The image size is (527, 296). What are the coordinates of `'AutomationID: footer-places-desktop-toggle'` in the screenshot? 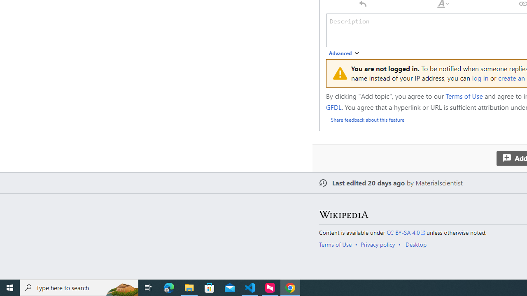 It's located at (417, 244).